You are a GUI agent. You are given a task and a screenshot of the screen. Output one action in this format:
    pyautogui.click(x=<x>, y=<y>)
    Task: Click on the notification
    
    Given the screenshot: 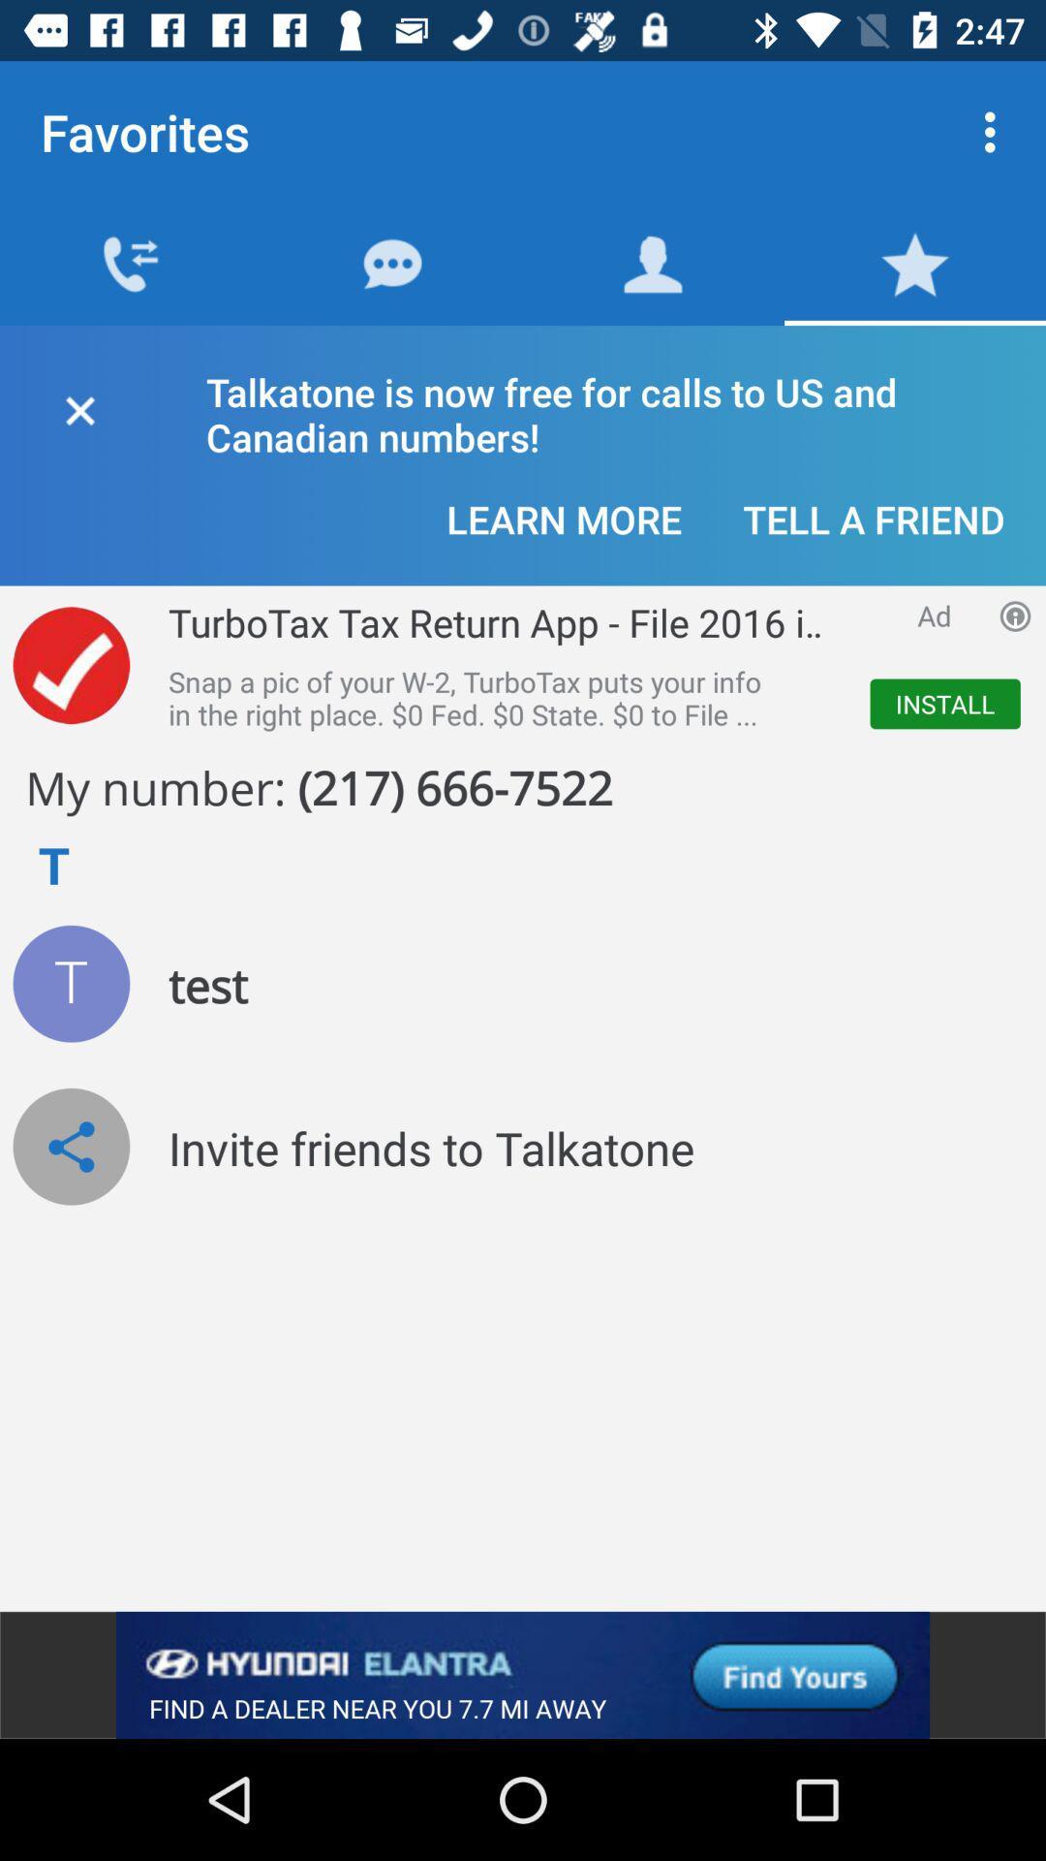 What is the action you would take?
    pyautogui.click(x=78, y=406)
    